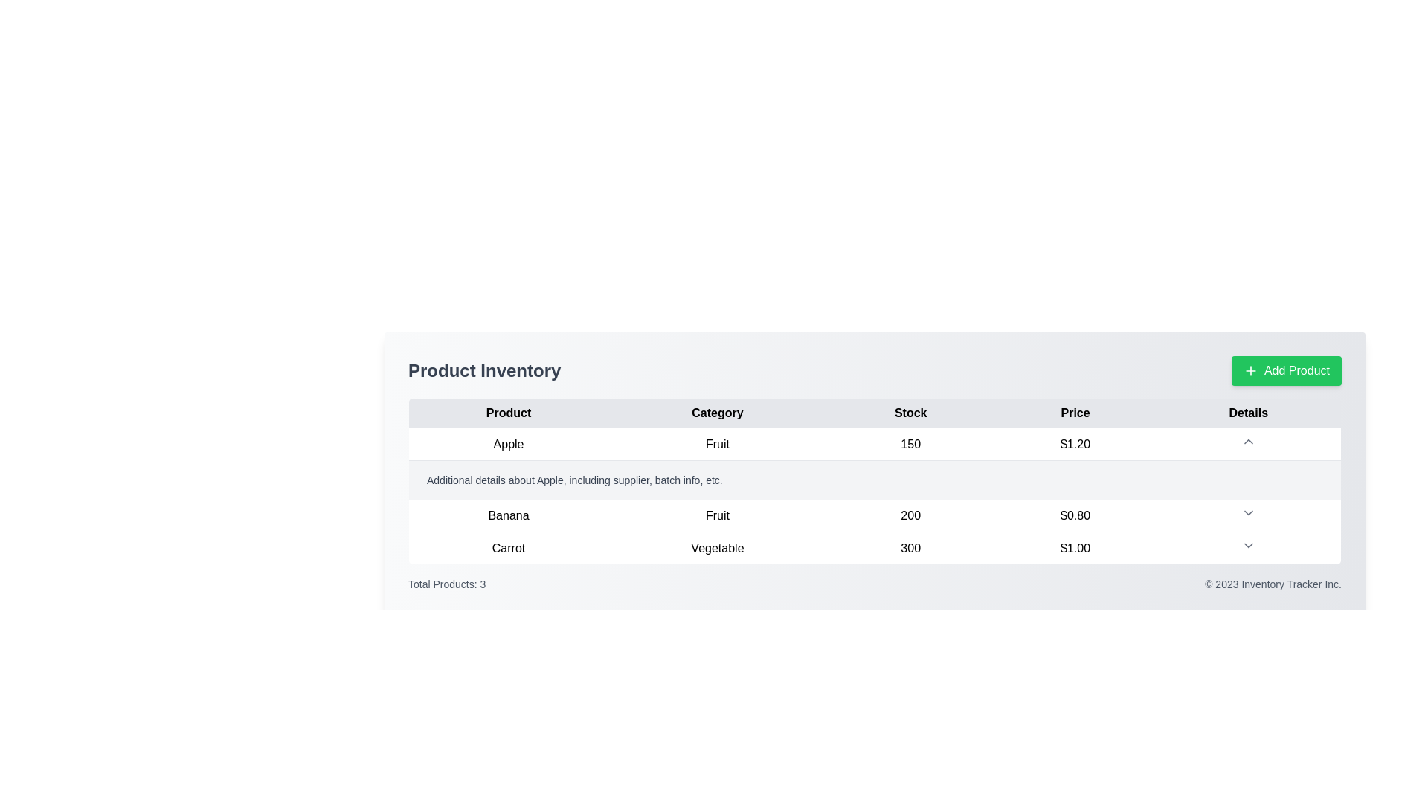  What do you see at coordinates (1249, 515) in the screenshot?
I see `the chevron icon in the 'Details' column of the second row labeled 'Banana' to expand or collapse additional product details` at bounding box center [1249, 515].